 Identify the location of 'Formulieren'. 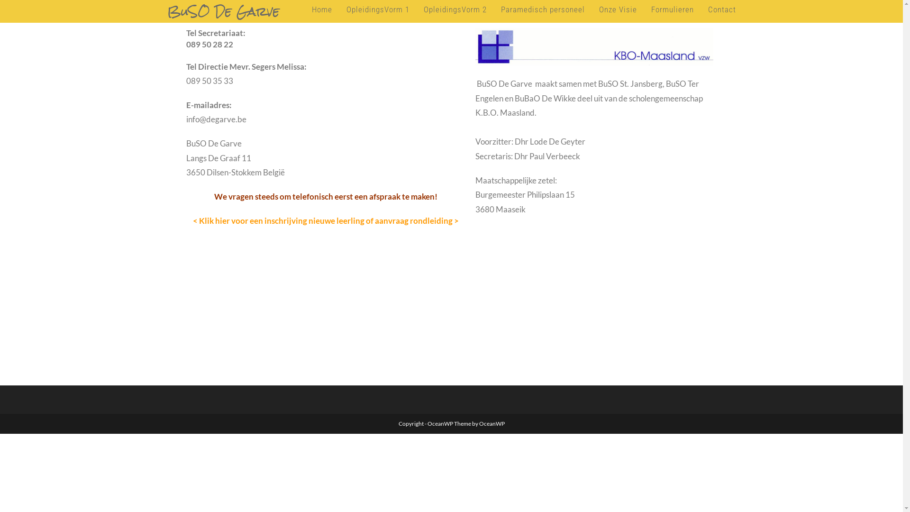
(671, 9).